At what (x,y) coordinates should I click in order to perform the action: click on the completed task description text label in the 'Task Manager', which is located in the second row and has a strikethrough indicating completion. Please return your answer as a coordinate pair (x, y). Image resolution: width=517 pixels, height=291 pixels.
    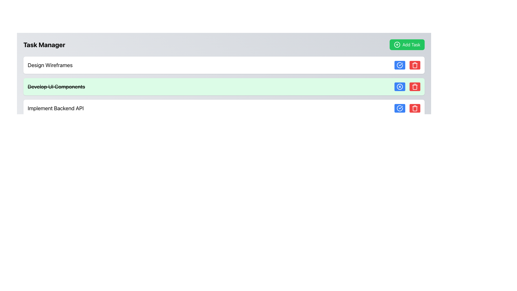
    Looking at the image, I should click on (56, 86).